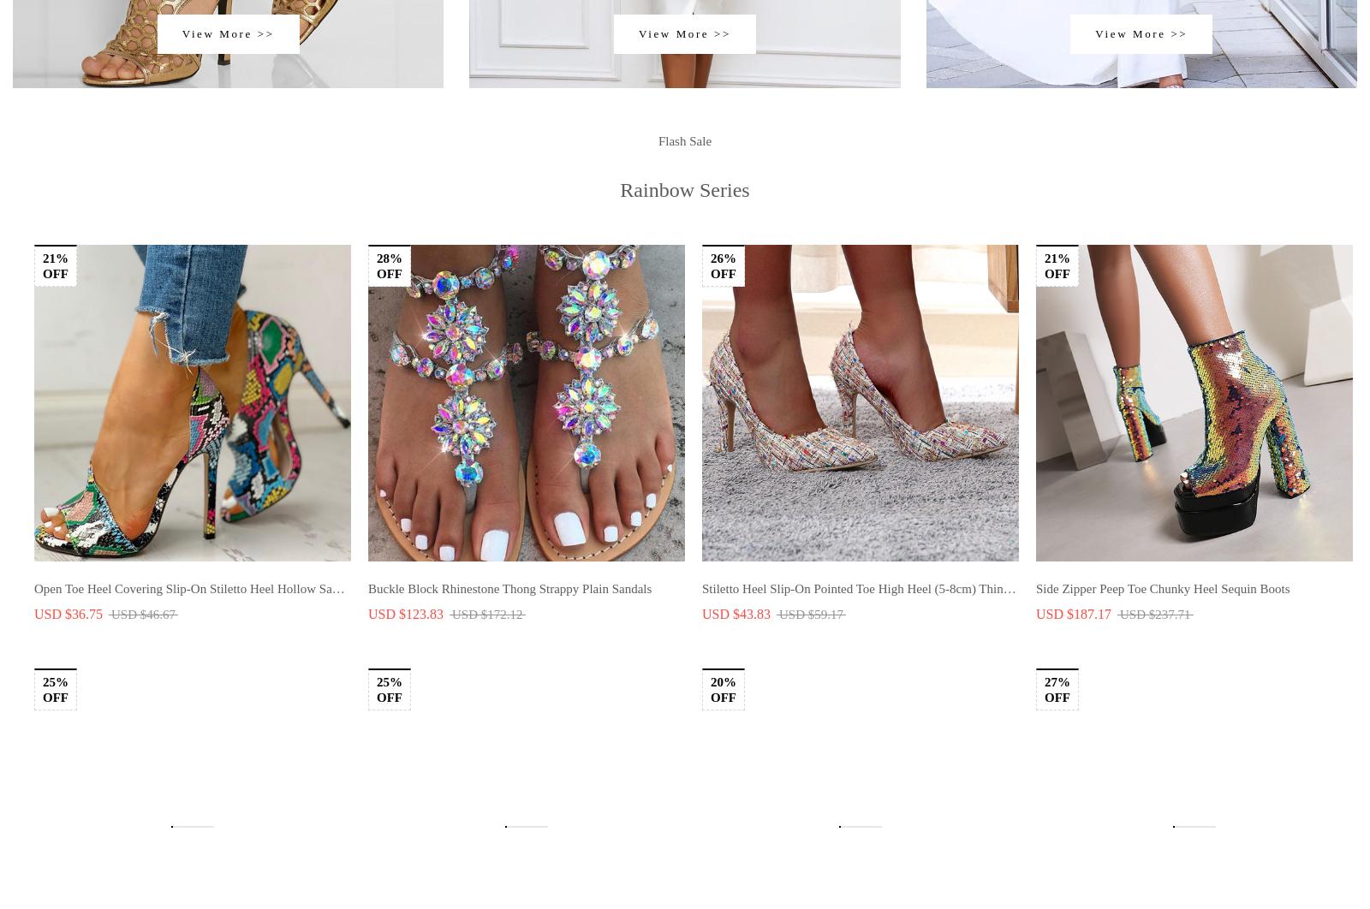 This screenshot has width=1370, height=909. What do you see at coordinates (68, 671) in the screenshot?
I see `'USD $62.17'` at bounding box center [68, 671].